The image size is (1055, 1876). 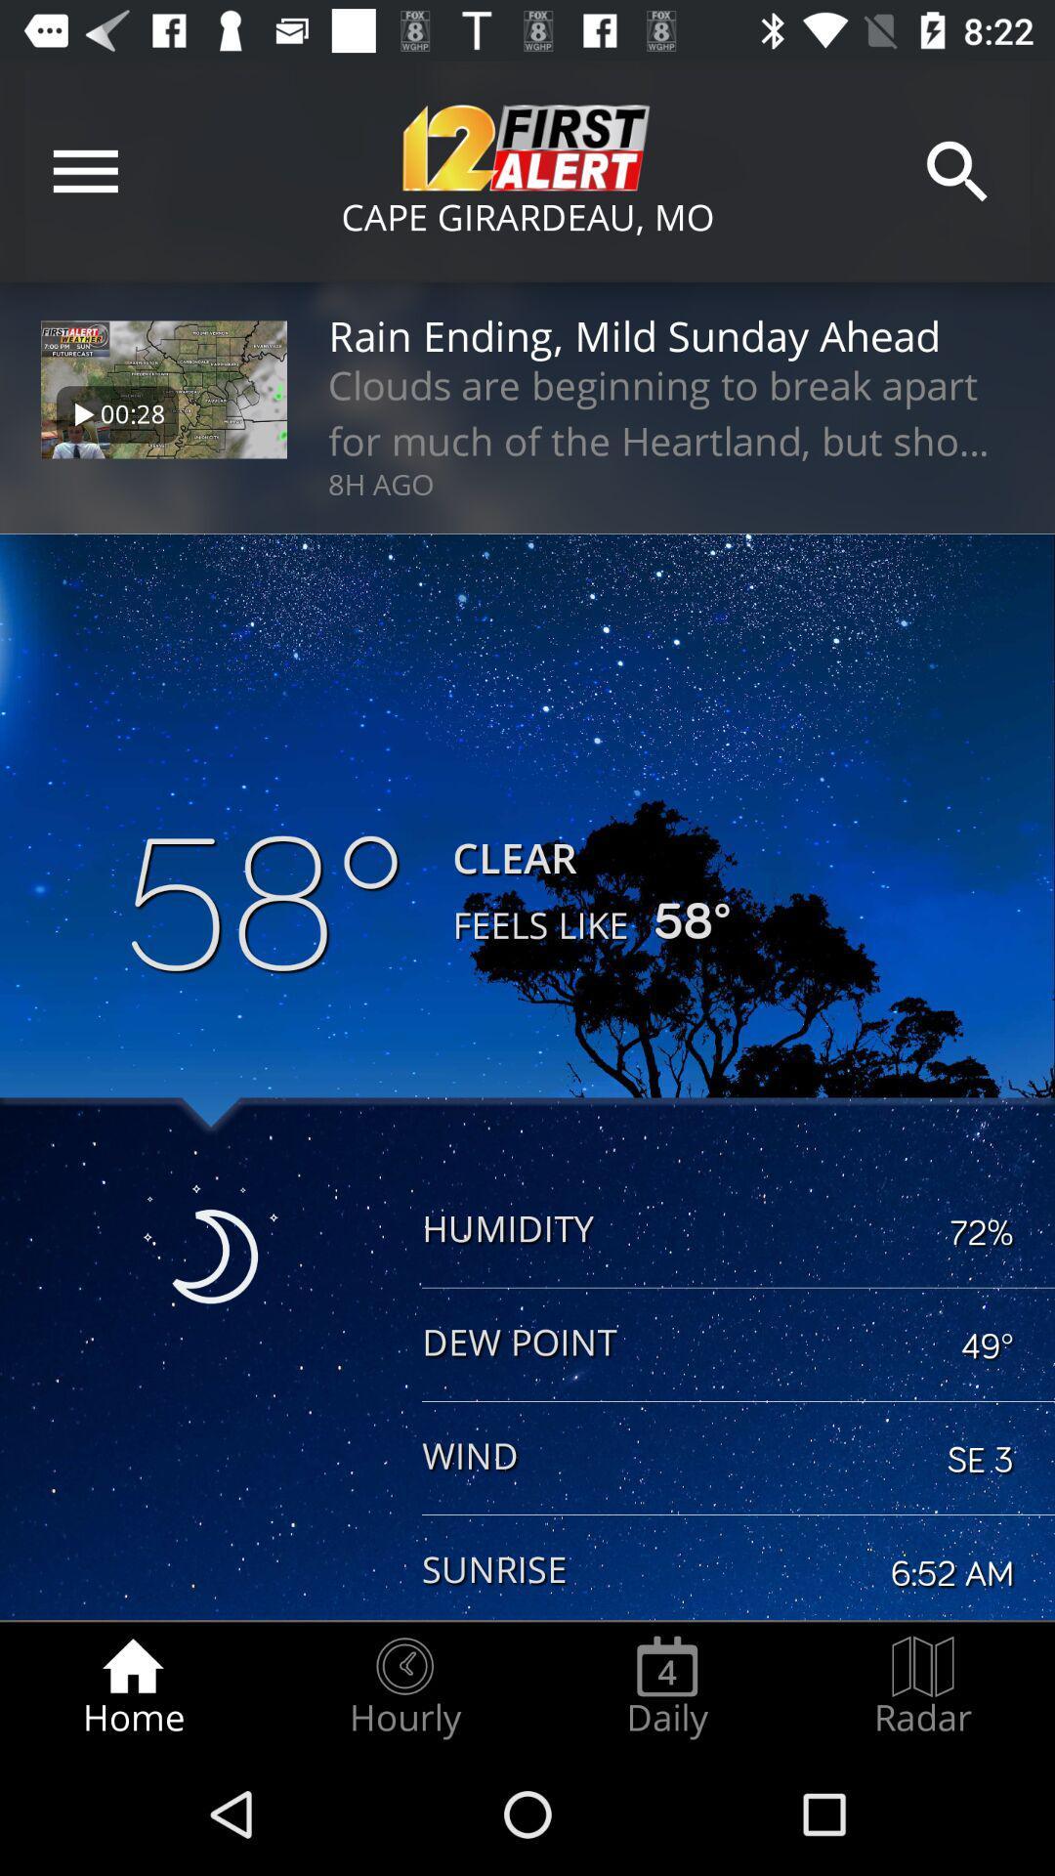 I want to click on radar radio button, so click(x=923, y=1686).